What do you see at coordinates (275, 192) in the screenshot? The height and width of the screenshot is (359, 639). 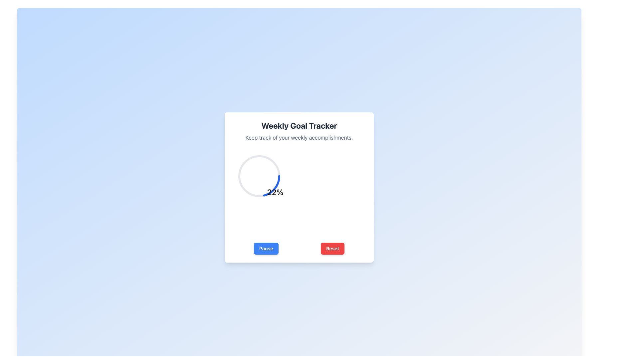 I see `the Circular Progress Indicator displaying '20%' in the center of the card UI titled 'Weekly Goal Tracker'` at bounding box center [275, 192].